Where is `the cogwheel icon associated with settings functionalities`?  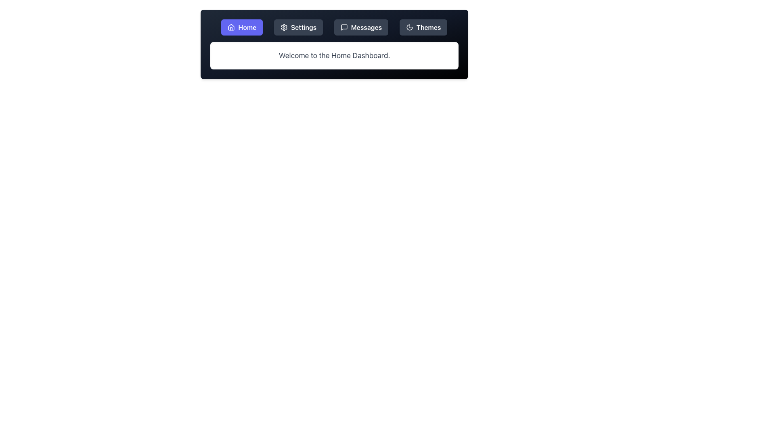
the cogwheel icon associated with settings functionalities is located at coordinates (284, 27).